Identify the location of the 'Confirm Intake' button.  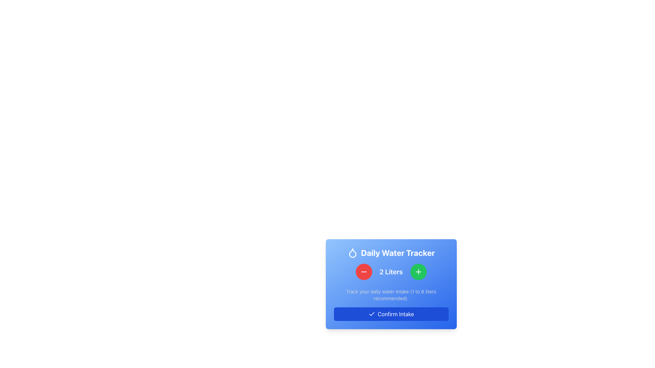
(371, 314).